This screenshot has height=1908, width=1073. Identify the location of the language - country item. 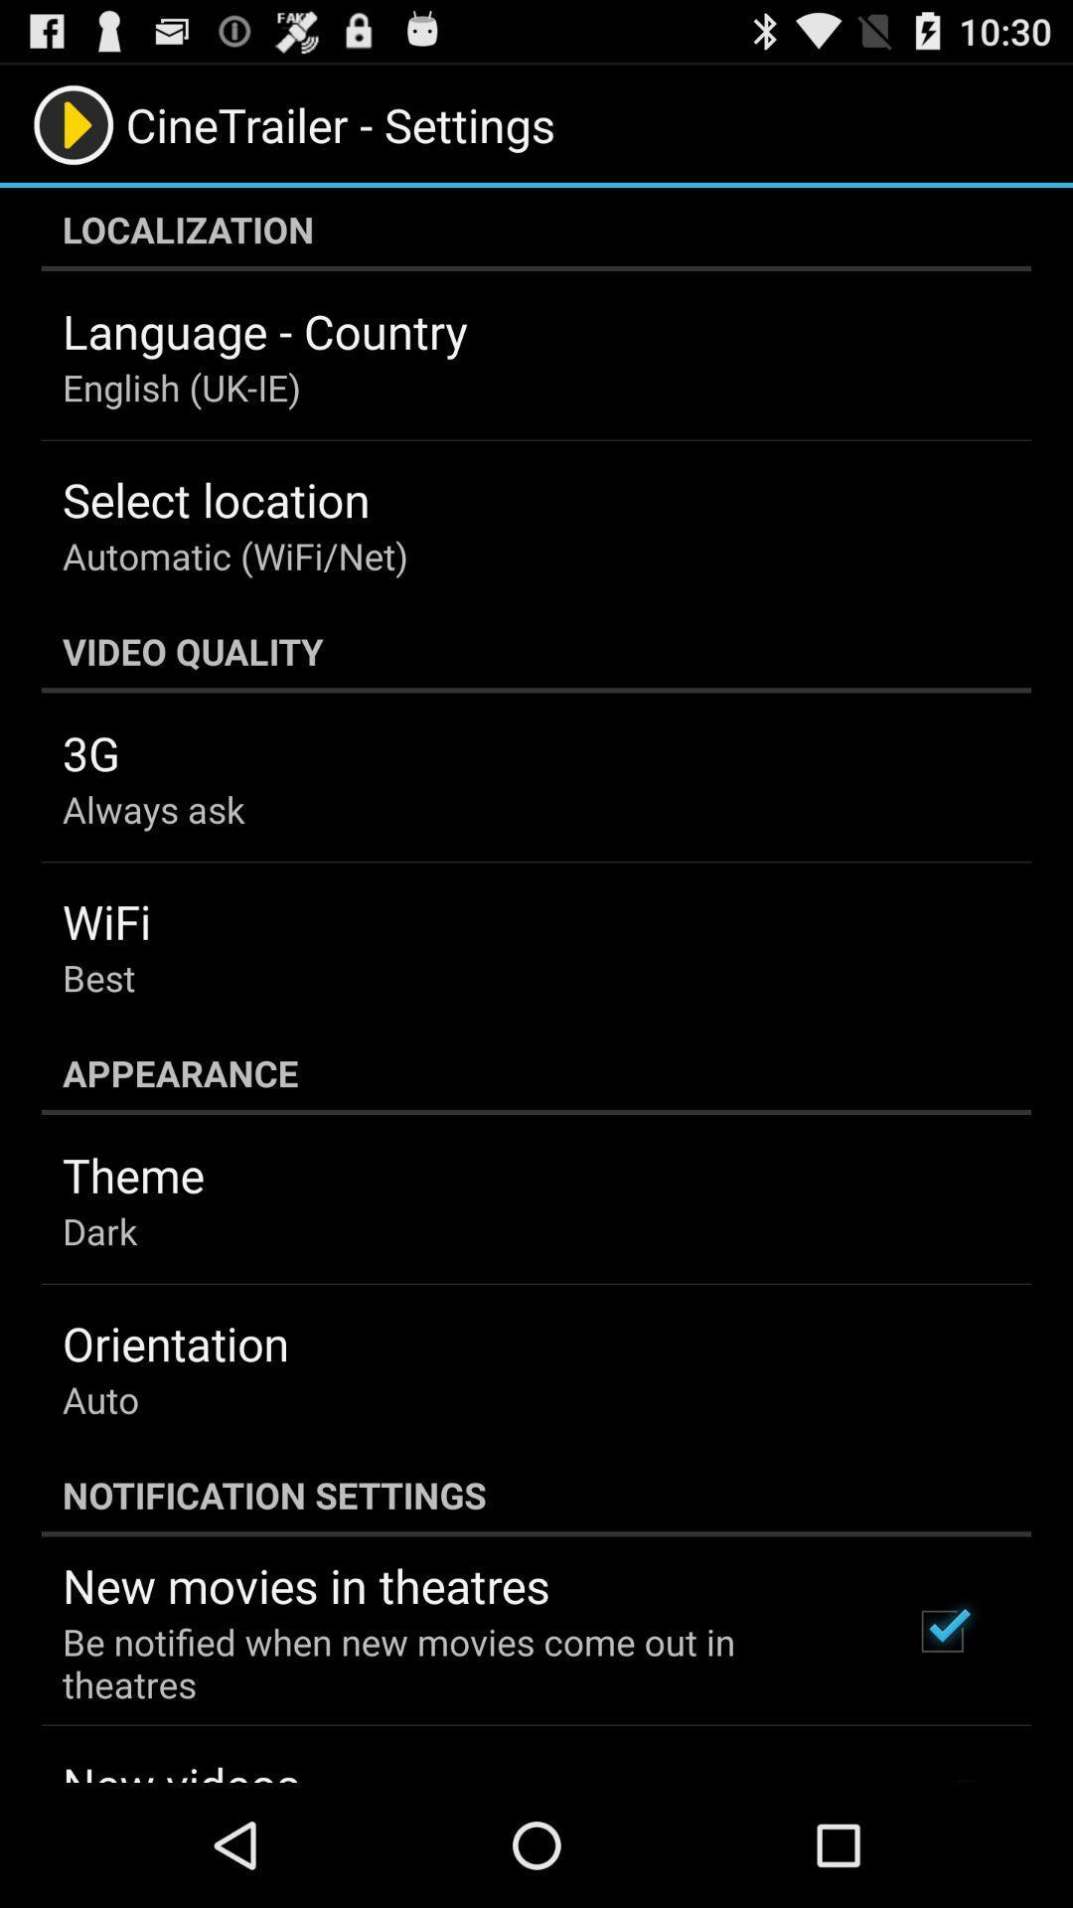
(263, 331).